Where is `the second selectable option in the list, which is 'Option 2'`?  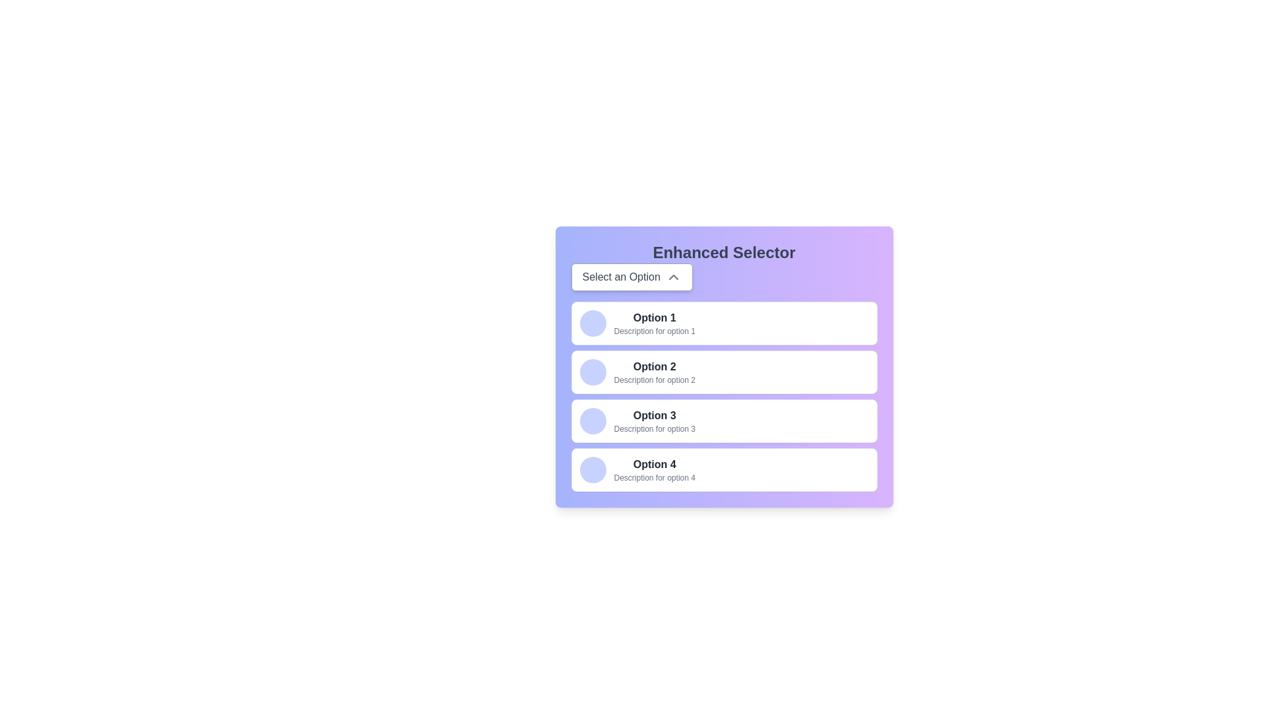 the second selectable option in the list, which is 'Option 2' is located at coordinates (723, 372).